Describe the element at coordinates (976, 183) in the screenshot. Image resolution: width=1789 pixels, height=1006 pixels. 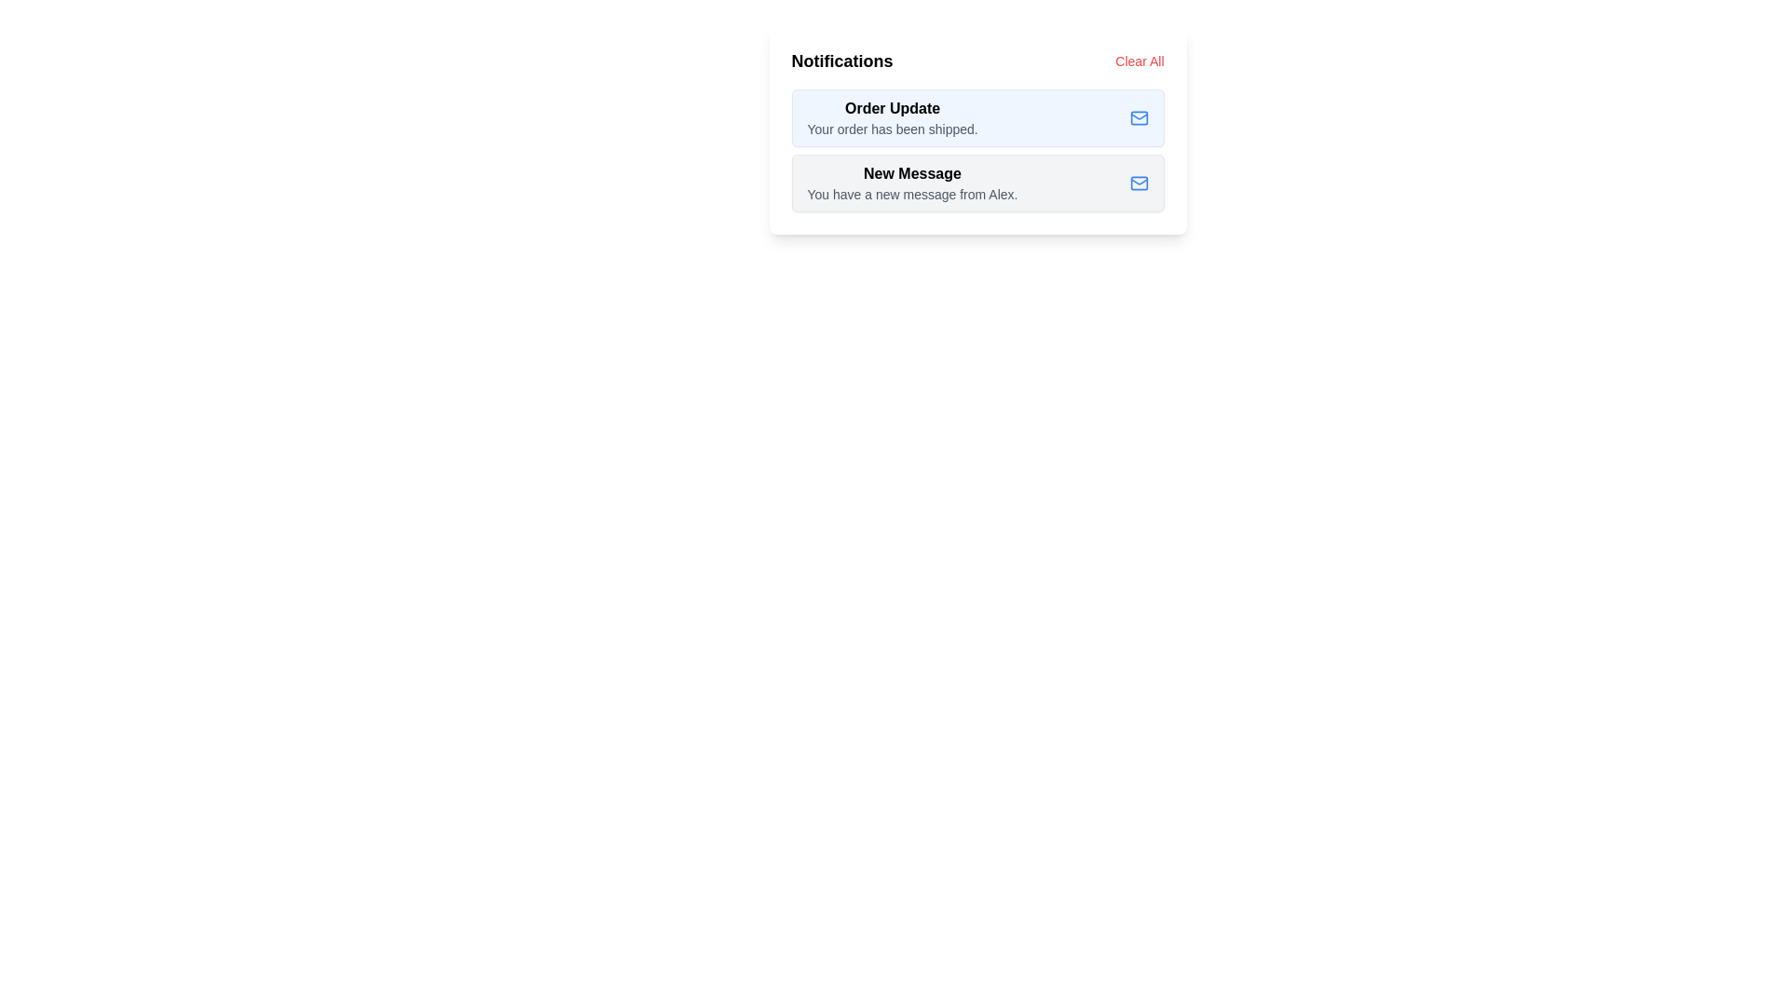
I see `message notification located in the second notification card below the 'Order Update' notification` at that location.